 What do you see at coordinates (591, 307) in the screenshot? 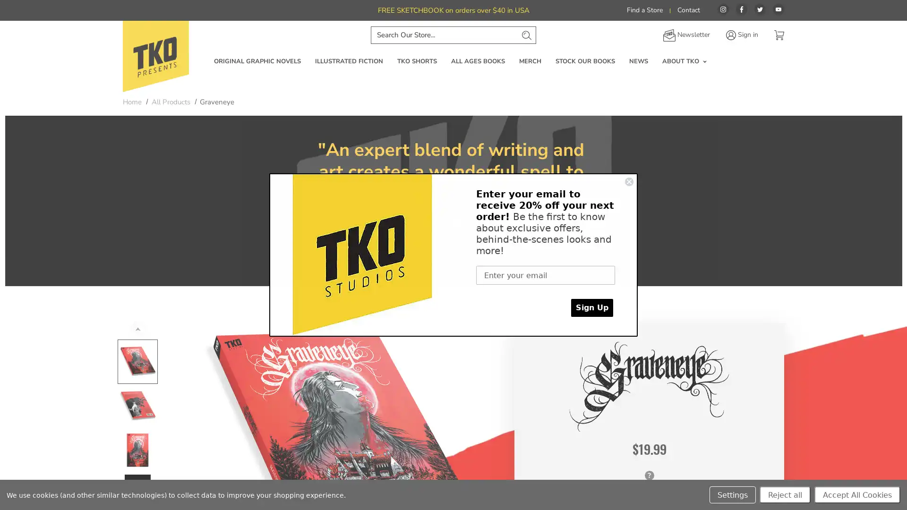
I see `Sign Up` at bounding box center [591, 307].